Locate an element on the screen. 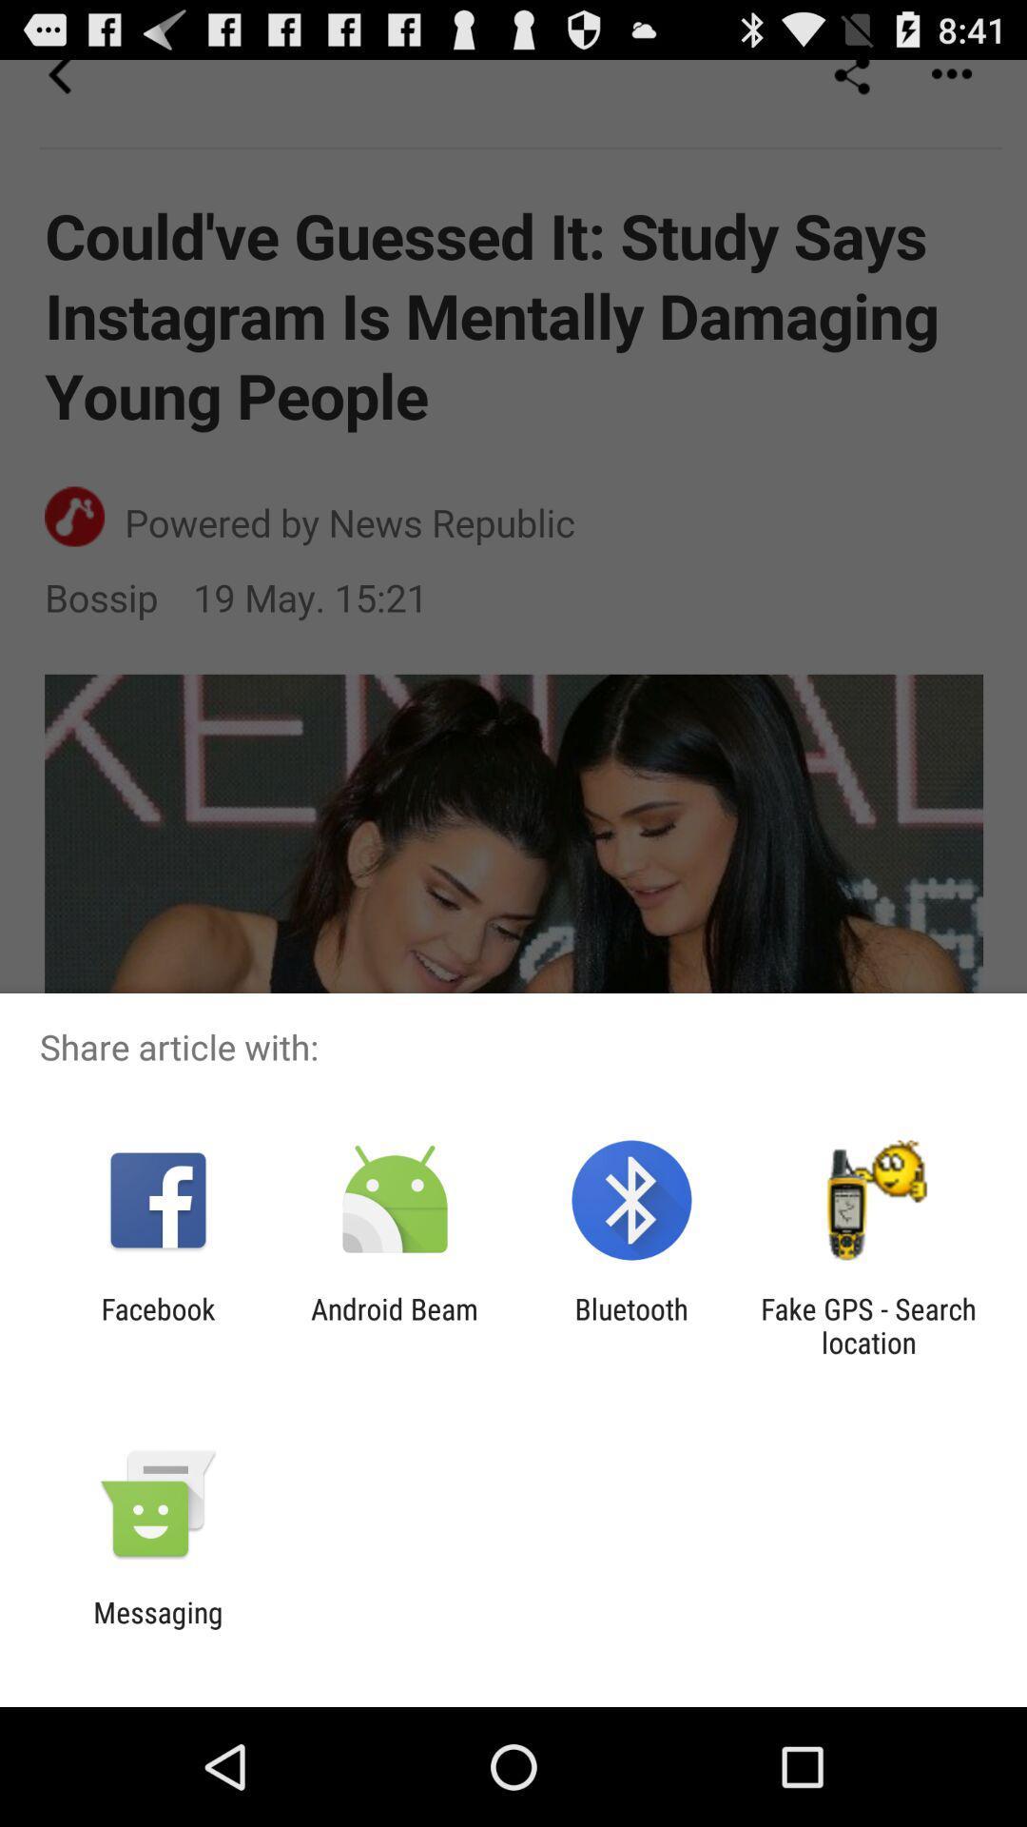  icon next to the fake gps search is located at coordinates (631, 1325).